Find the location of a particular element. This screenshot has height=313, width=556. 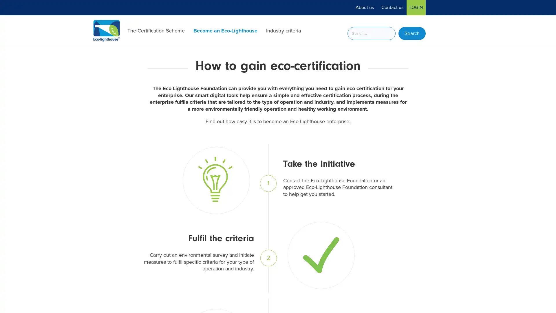

Search is located at coordinates (411, 33).